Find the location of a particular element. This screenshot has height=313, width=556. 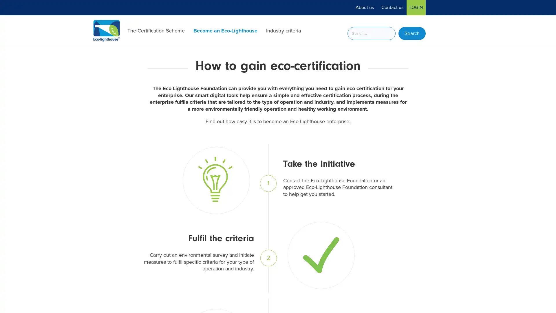

Search is located at coordinates (411, 33).